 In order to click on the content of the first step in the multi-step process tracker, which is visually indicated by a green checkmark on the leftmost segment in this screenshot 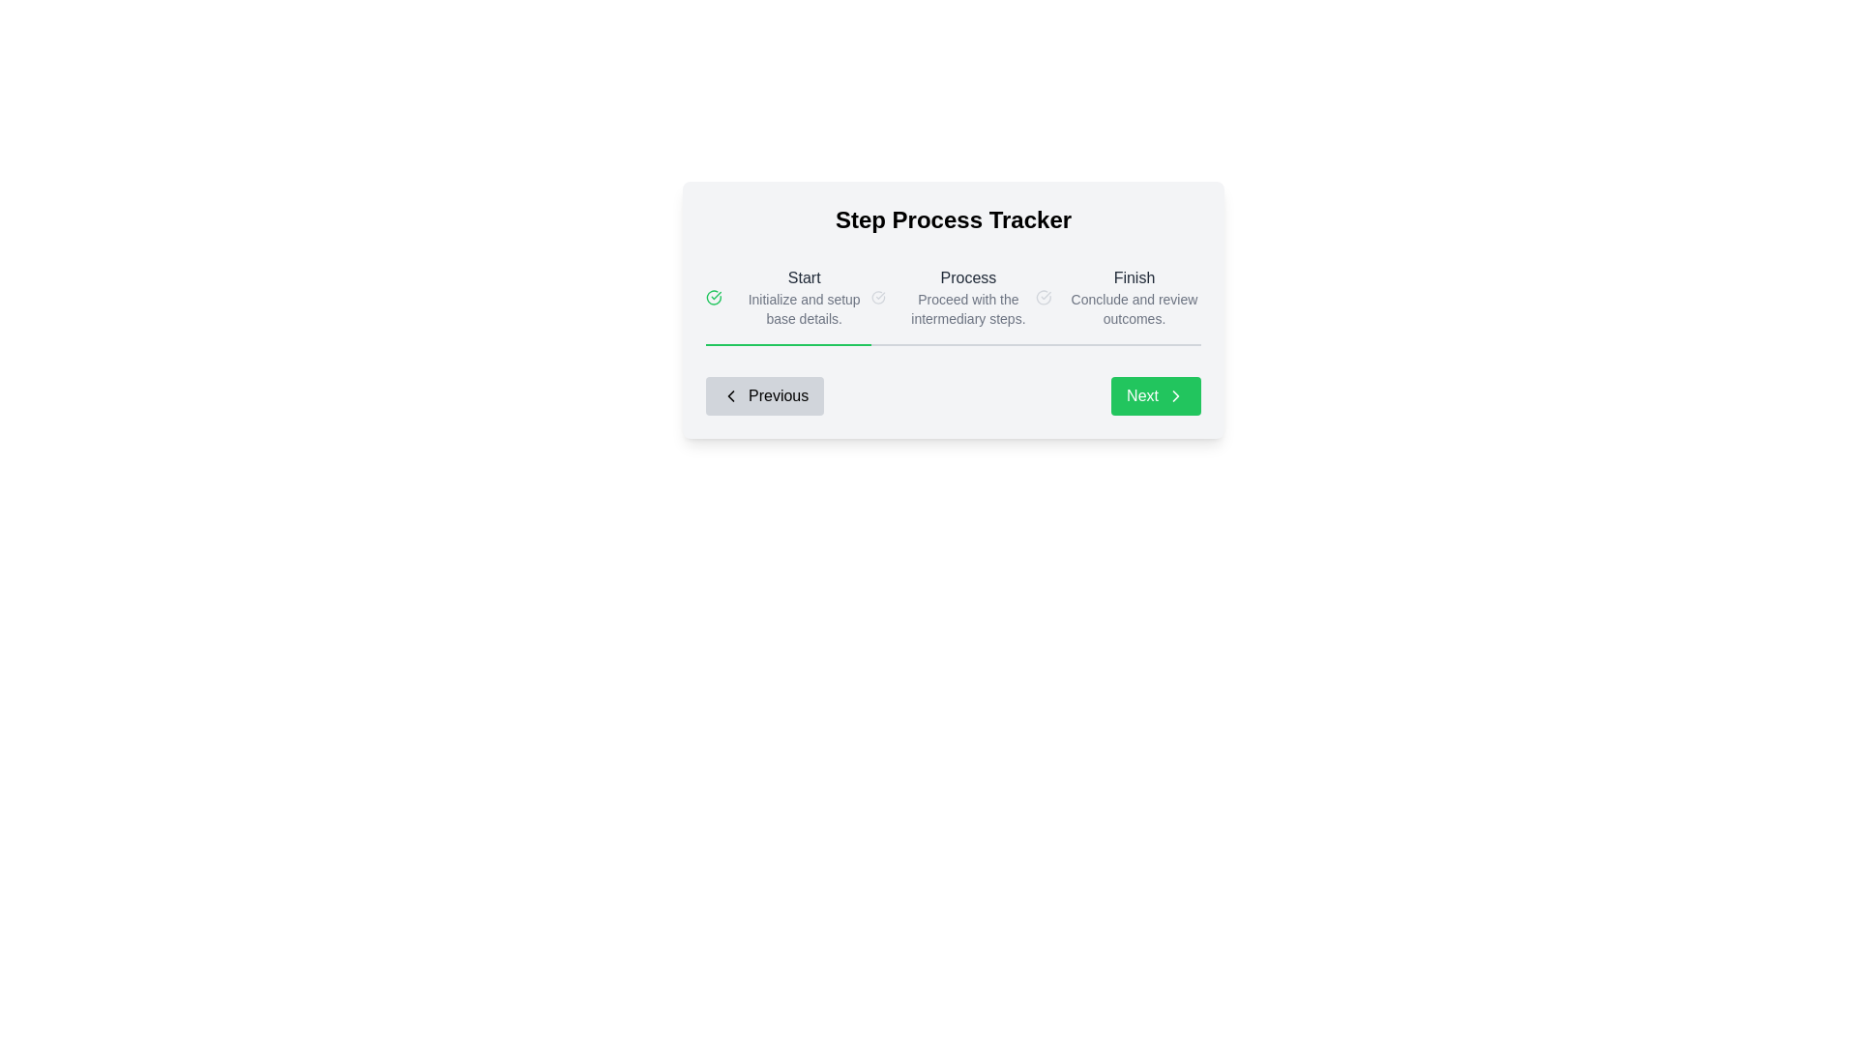, I will do `click(788, 298)`.